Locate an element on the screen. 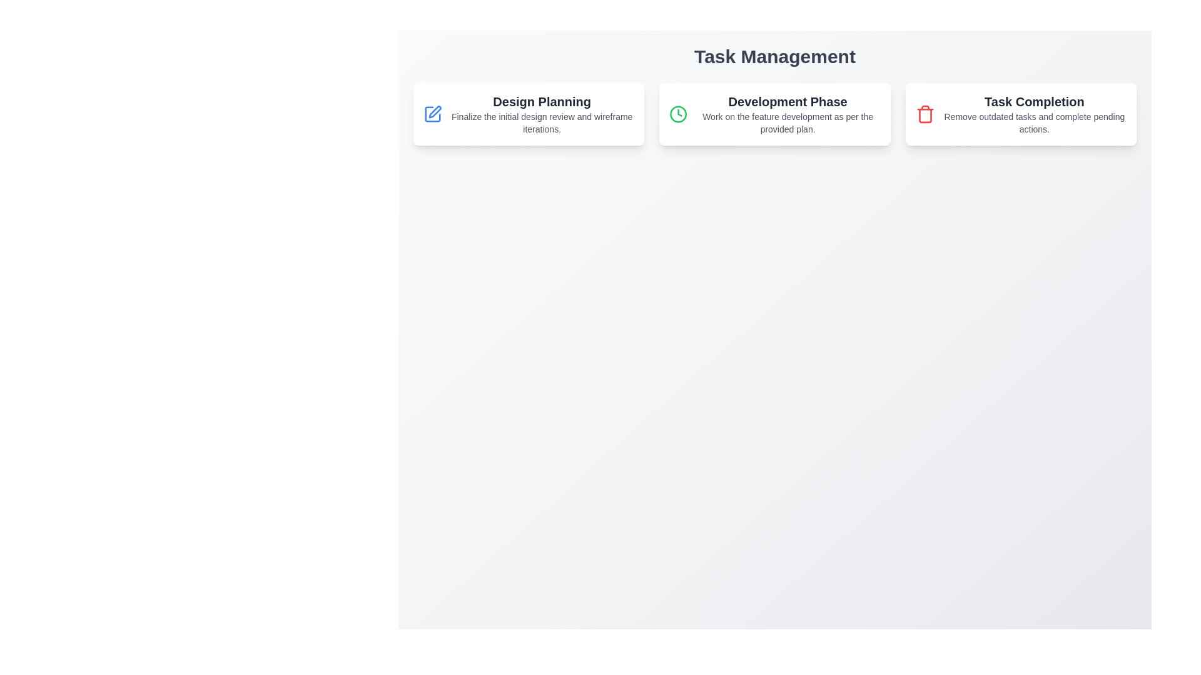 The image size is (1201, 675). the 'Task Completion' text display block, which includes a bold title and descriptive text, located on the right side of the row of three cards is located at coordinates (1034, 114).